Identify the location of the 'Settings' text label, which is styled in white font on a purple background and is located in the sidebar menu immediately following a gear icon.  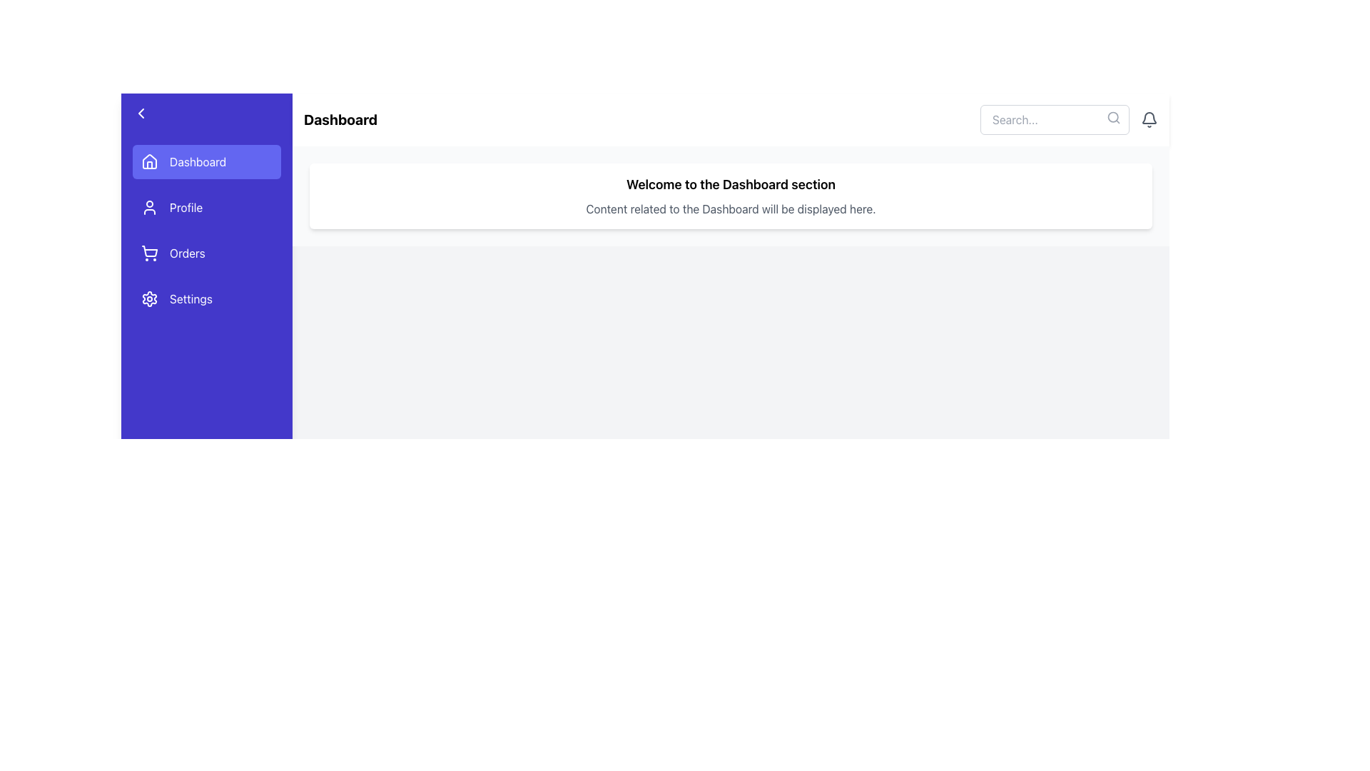
(191, 298).